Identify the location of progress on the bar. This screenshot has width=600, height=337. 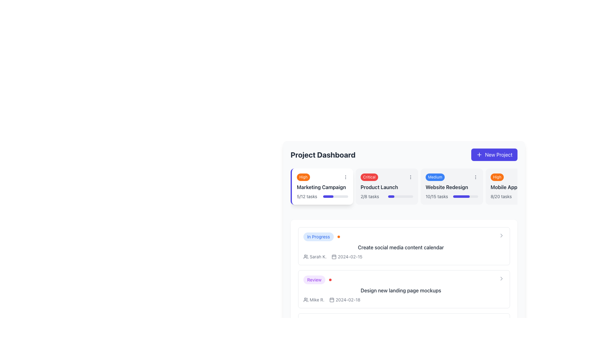
(339, 196).